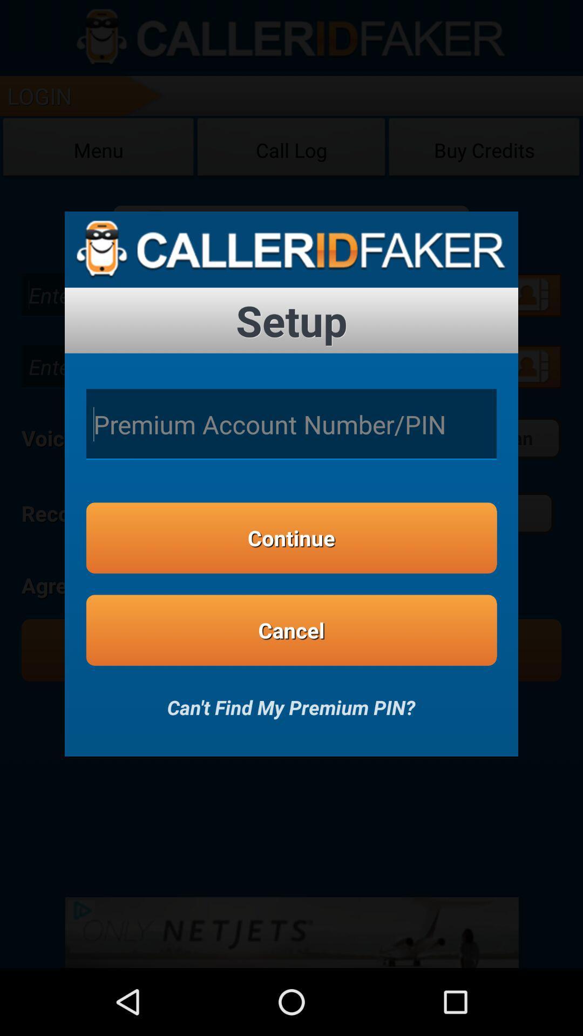 The height and width of the screenshot is (1036, 583). Describe the element at coordinates (291, 630) in the screenshot. I see `cancel button` at that location.